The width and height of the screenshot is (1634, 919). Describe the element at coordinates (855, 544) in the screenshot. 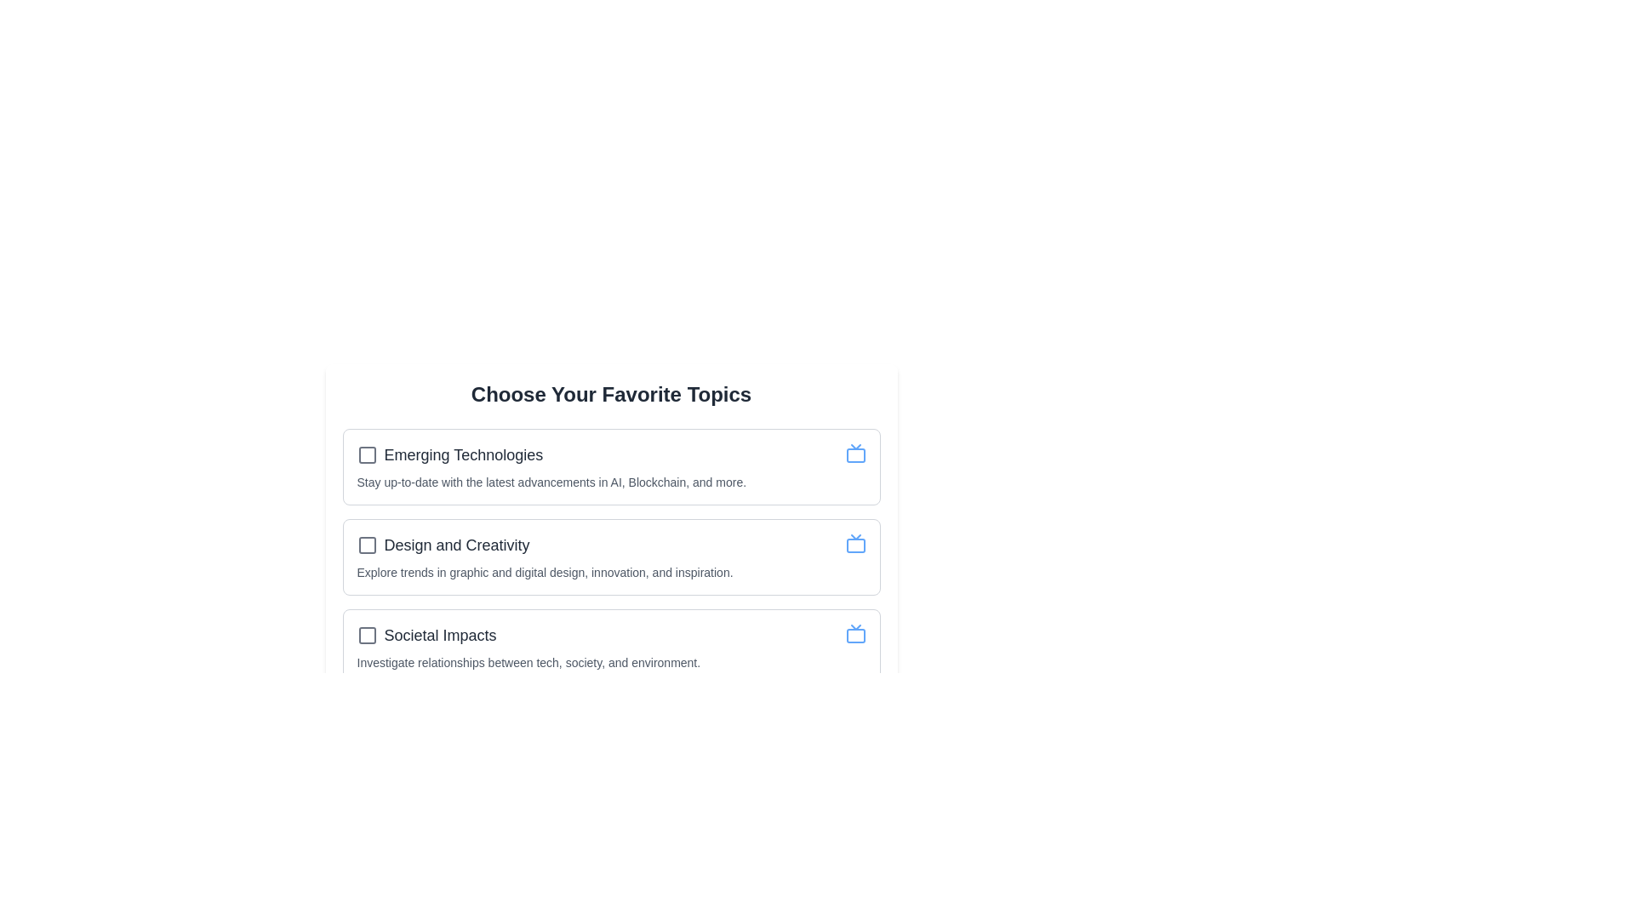

I see `the icon located at the far right of the 'Design and Creativity' topic row, which serves as a visual marker for this topic` at that location.